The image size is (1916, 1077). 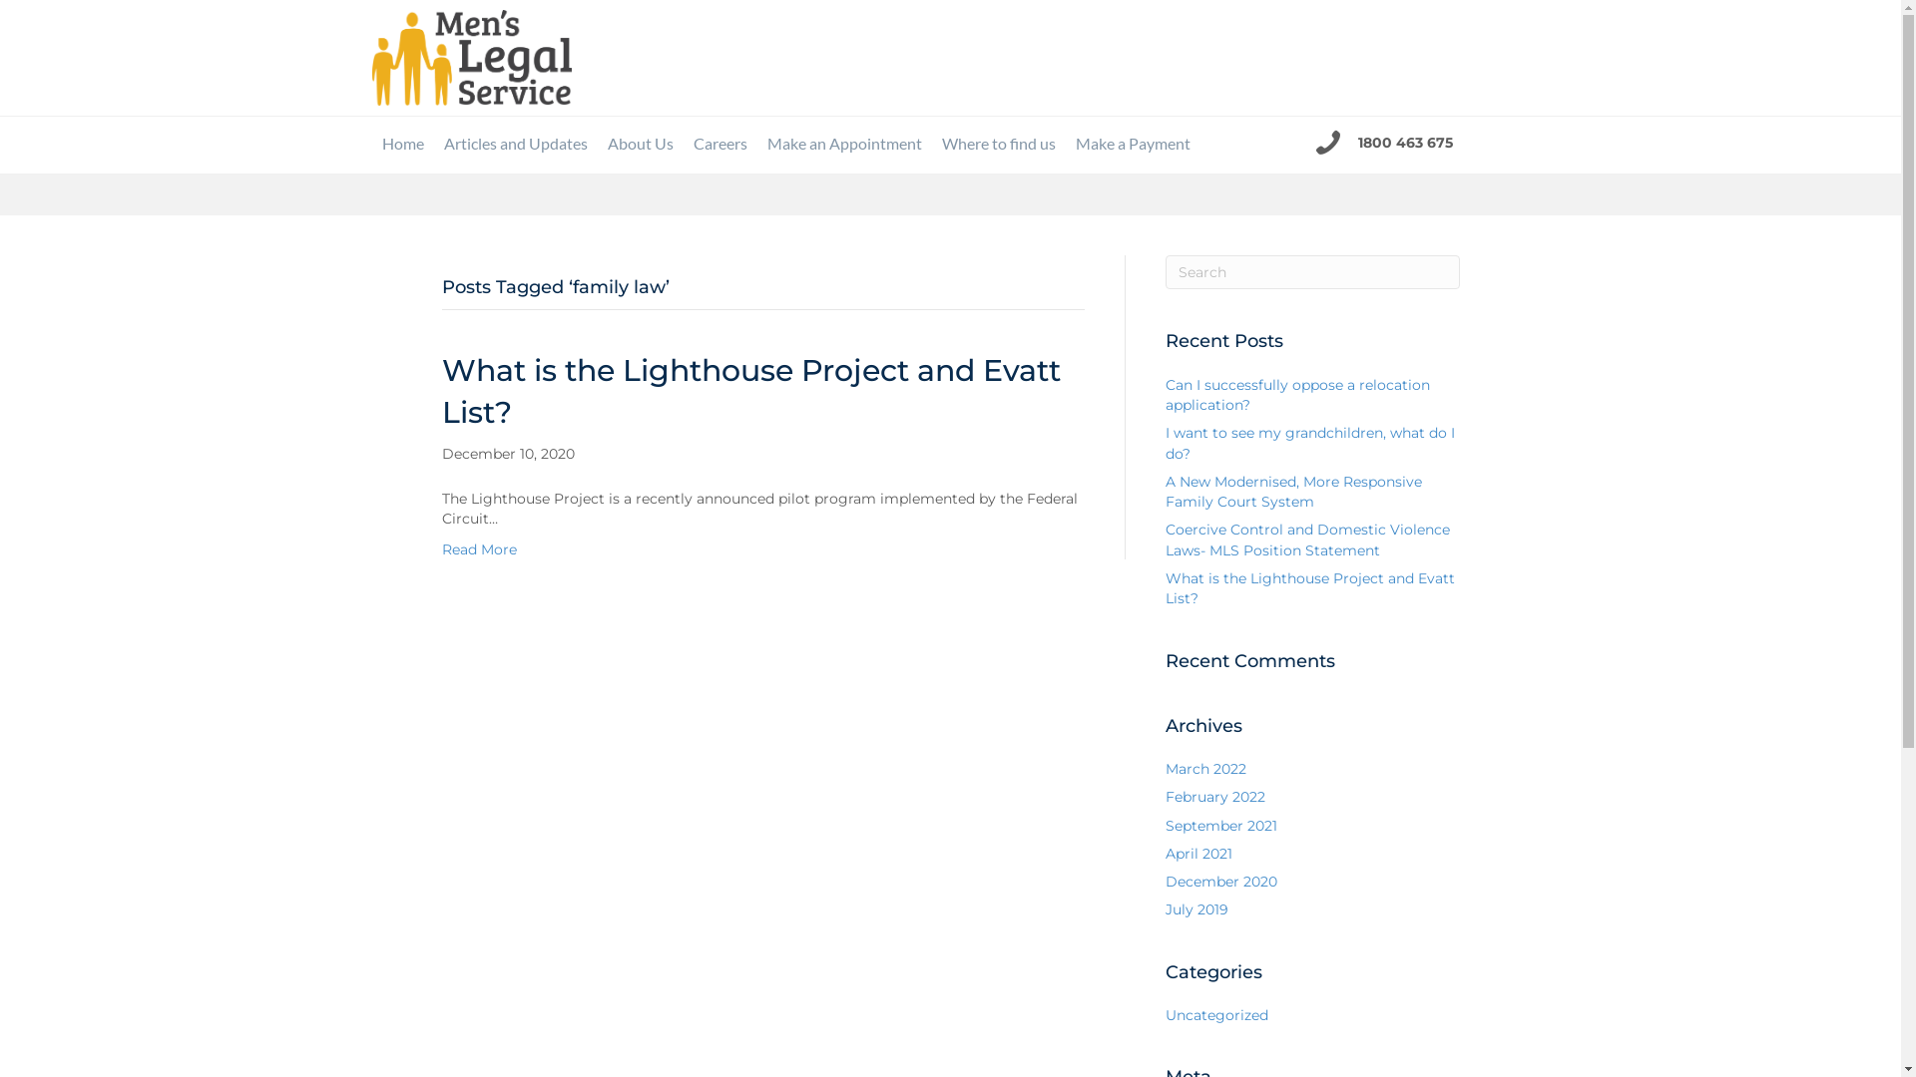 What do you see at coordinates (371, 142) in the screenshot?
I see `'Home'` at bounding box center [371, 142].